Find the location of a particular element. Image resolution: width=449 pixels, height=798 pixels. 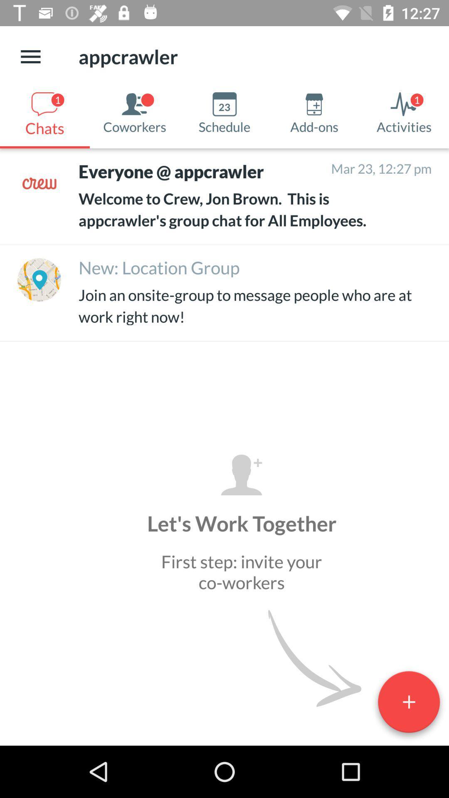

the add icon is located at coordinates (408, 704).